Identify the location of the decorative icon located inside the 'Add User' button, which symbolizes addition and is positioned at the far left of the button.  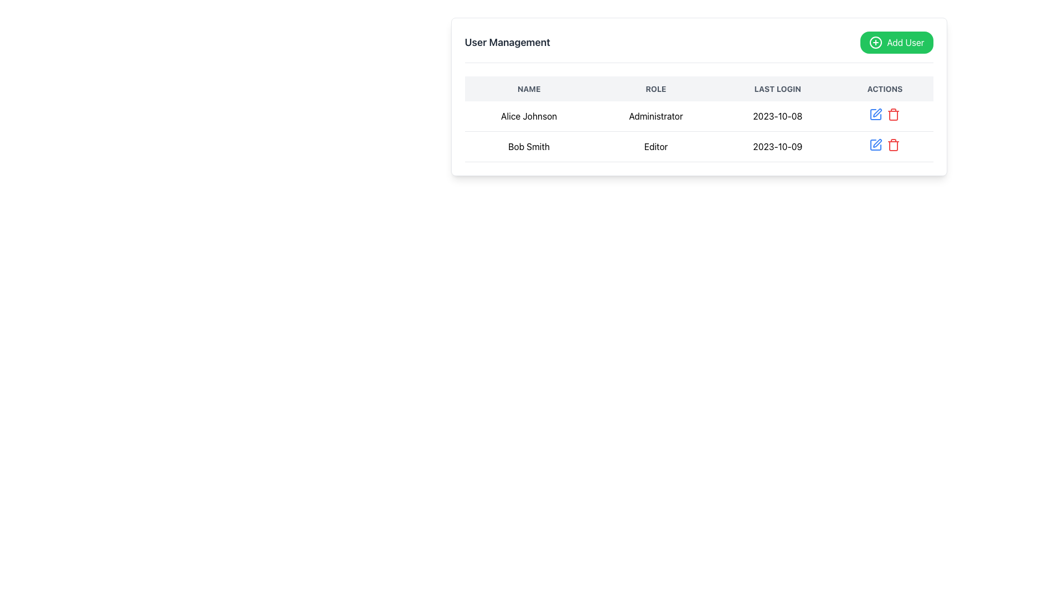
(875, 42).